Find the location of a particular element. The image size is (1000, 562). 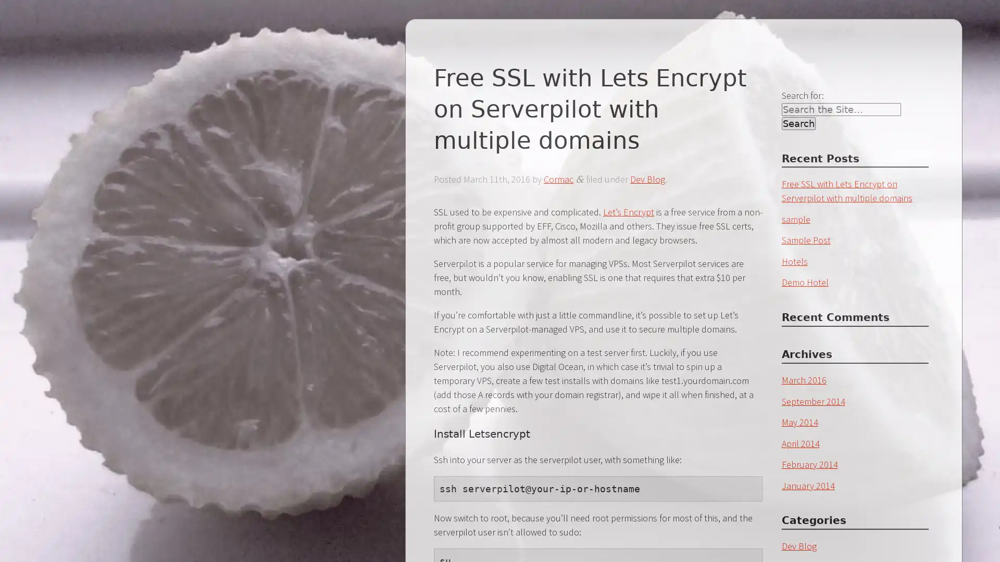

Search is located at coordinates (797, 123).